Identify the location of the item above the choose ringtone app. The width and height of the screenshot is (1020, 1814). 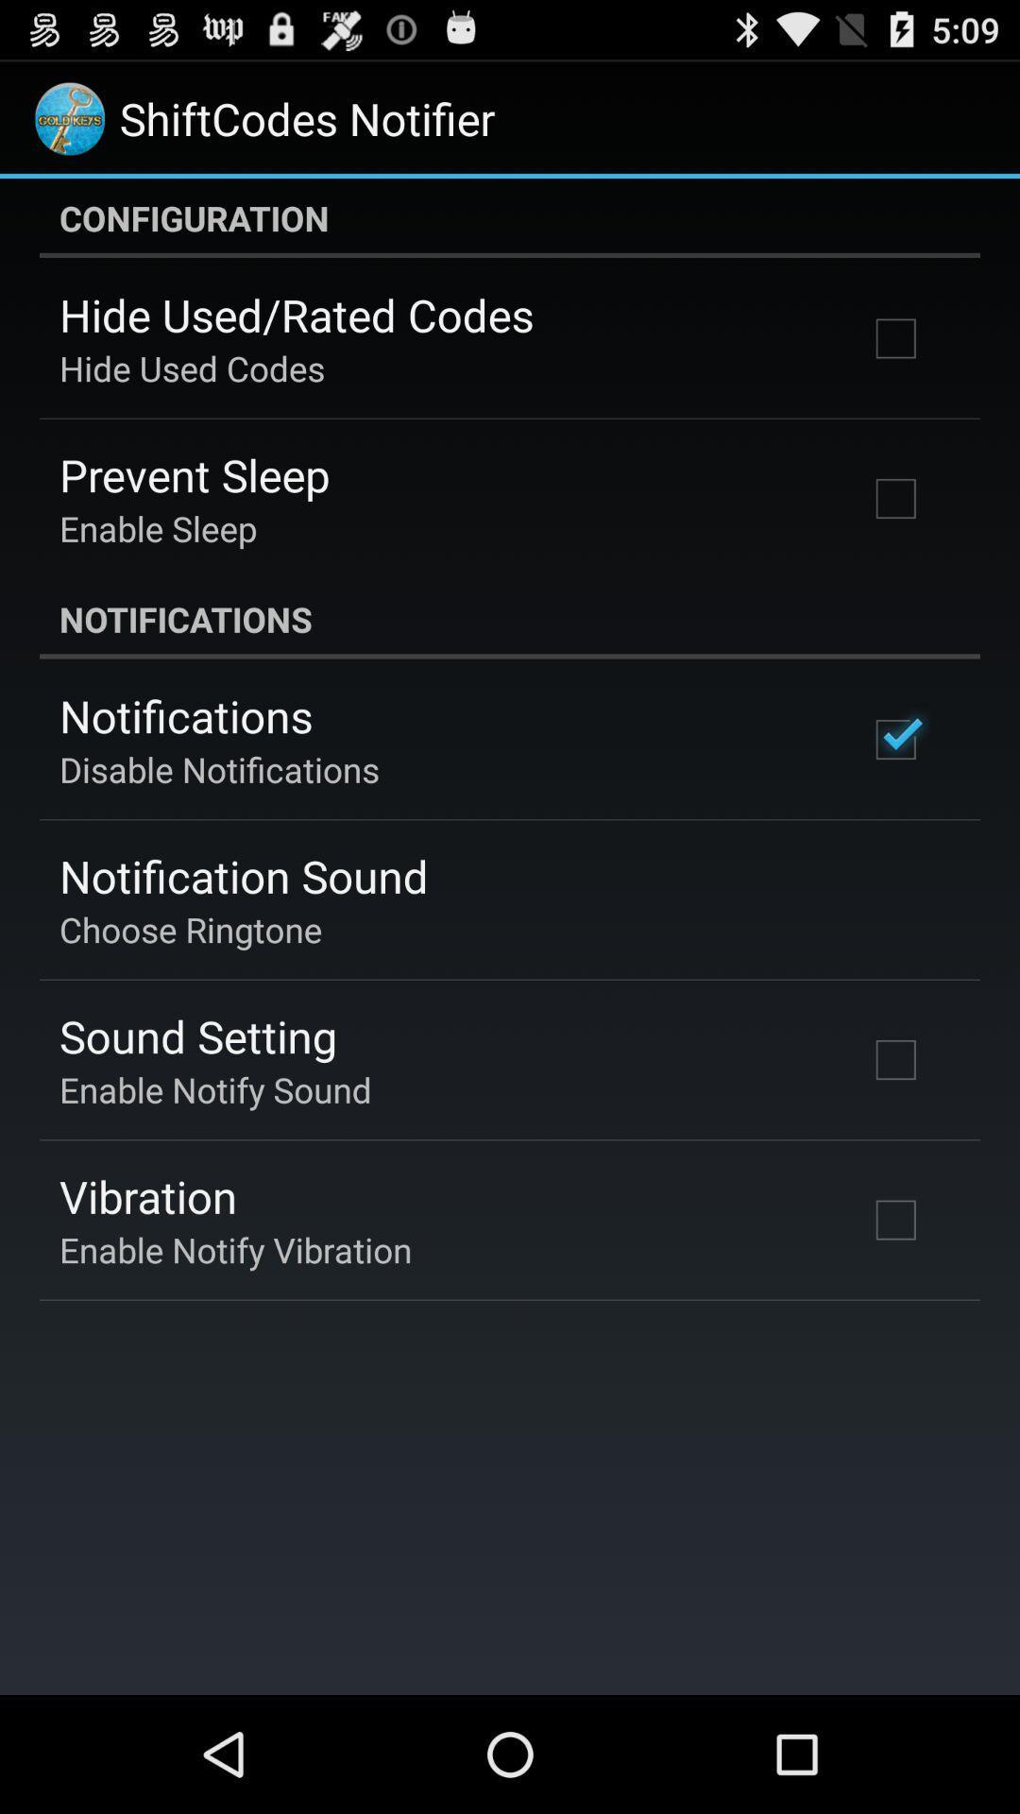
(243, 875).